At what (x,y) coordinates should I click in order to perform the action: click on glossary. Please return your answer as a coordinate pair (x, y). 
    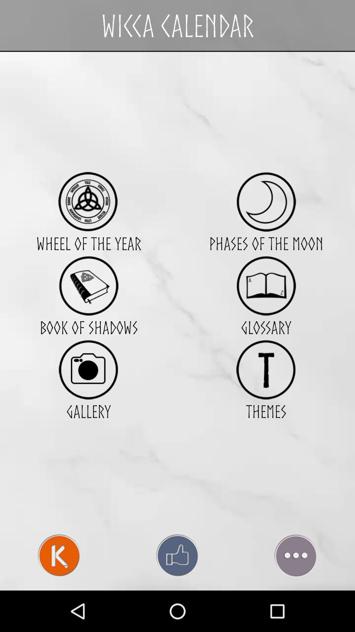
    Looking at the image, I should click on (266, 286).